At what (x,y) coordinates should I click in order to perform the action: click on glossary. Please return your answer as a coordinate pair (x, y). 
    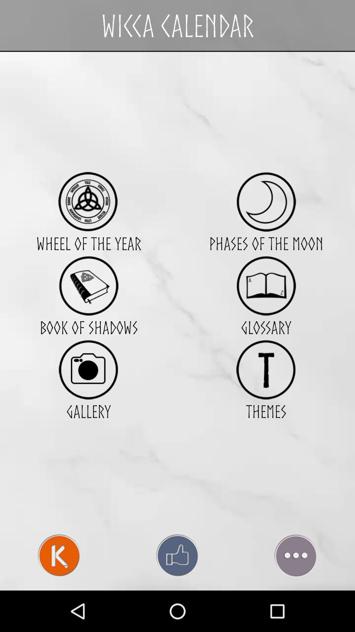
    Looking at the image, I should click on (266, 286).